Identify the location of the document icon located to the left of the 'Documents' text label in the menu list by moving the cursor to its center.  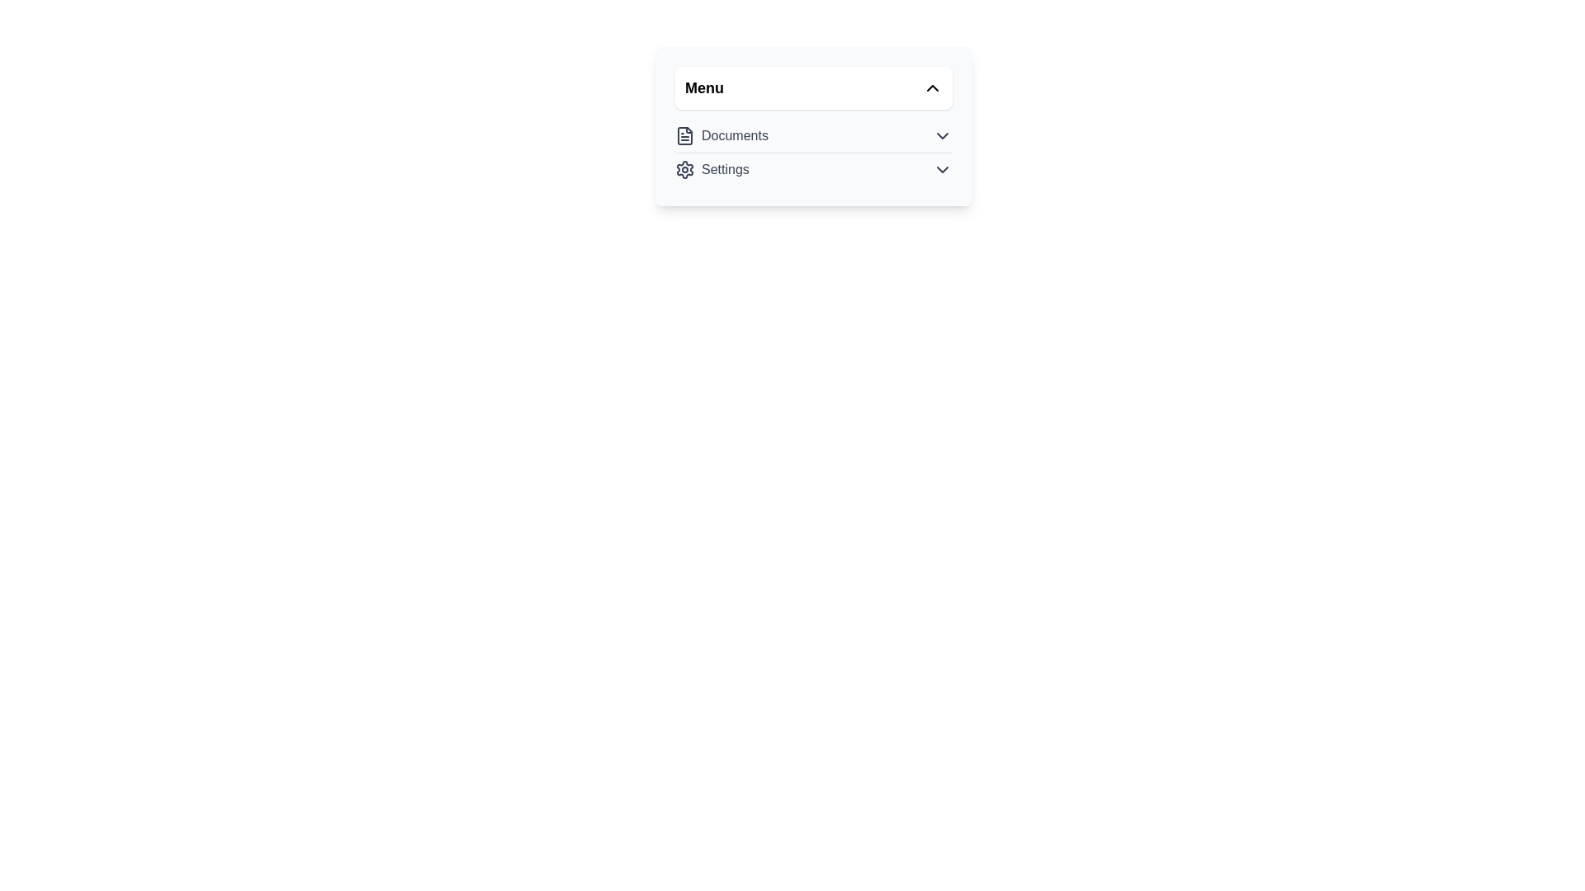
(685, 135).